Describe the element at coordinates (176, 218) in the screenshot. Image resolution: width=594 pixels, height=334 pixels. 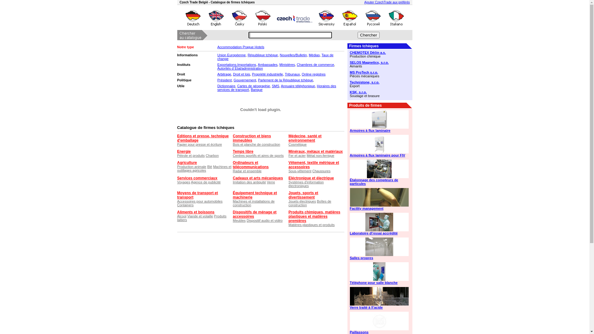
I see `'Produits laitiers'` at that location.